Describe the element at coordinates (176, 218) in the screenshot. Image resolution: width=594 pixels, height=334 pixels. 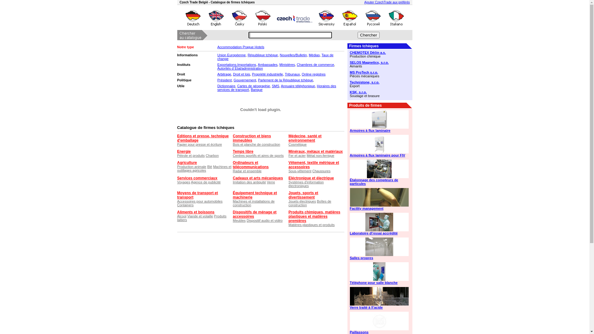
I see `'Produits laitiers'` at that location.